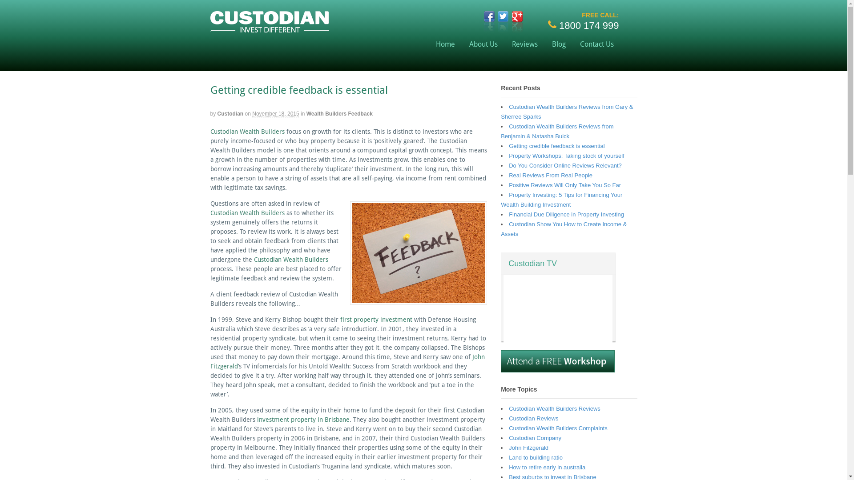 This screenshot has height=480, width=854. I want to click on 'Custodian Wealth Builders', so click(247, 132).